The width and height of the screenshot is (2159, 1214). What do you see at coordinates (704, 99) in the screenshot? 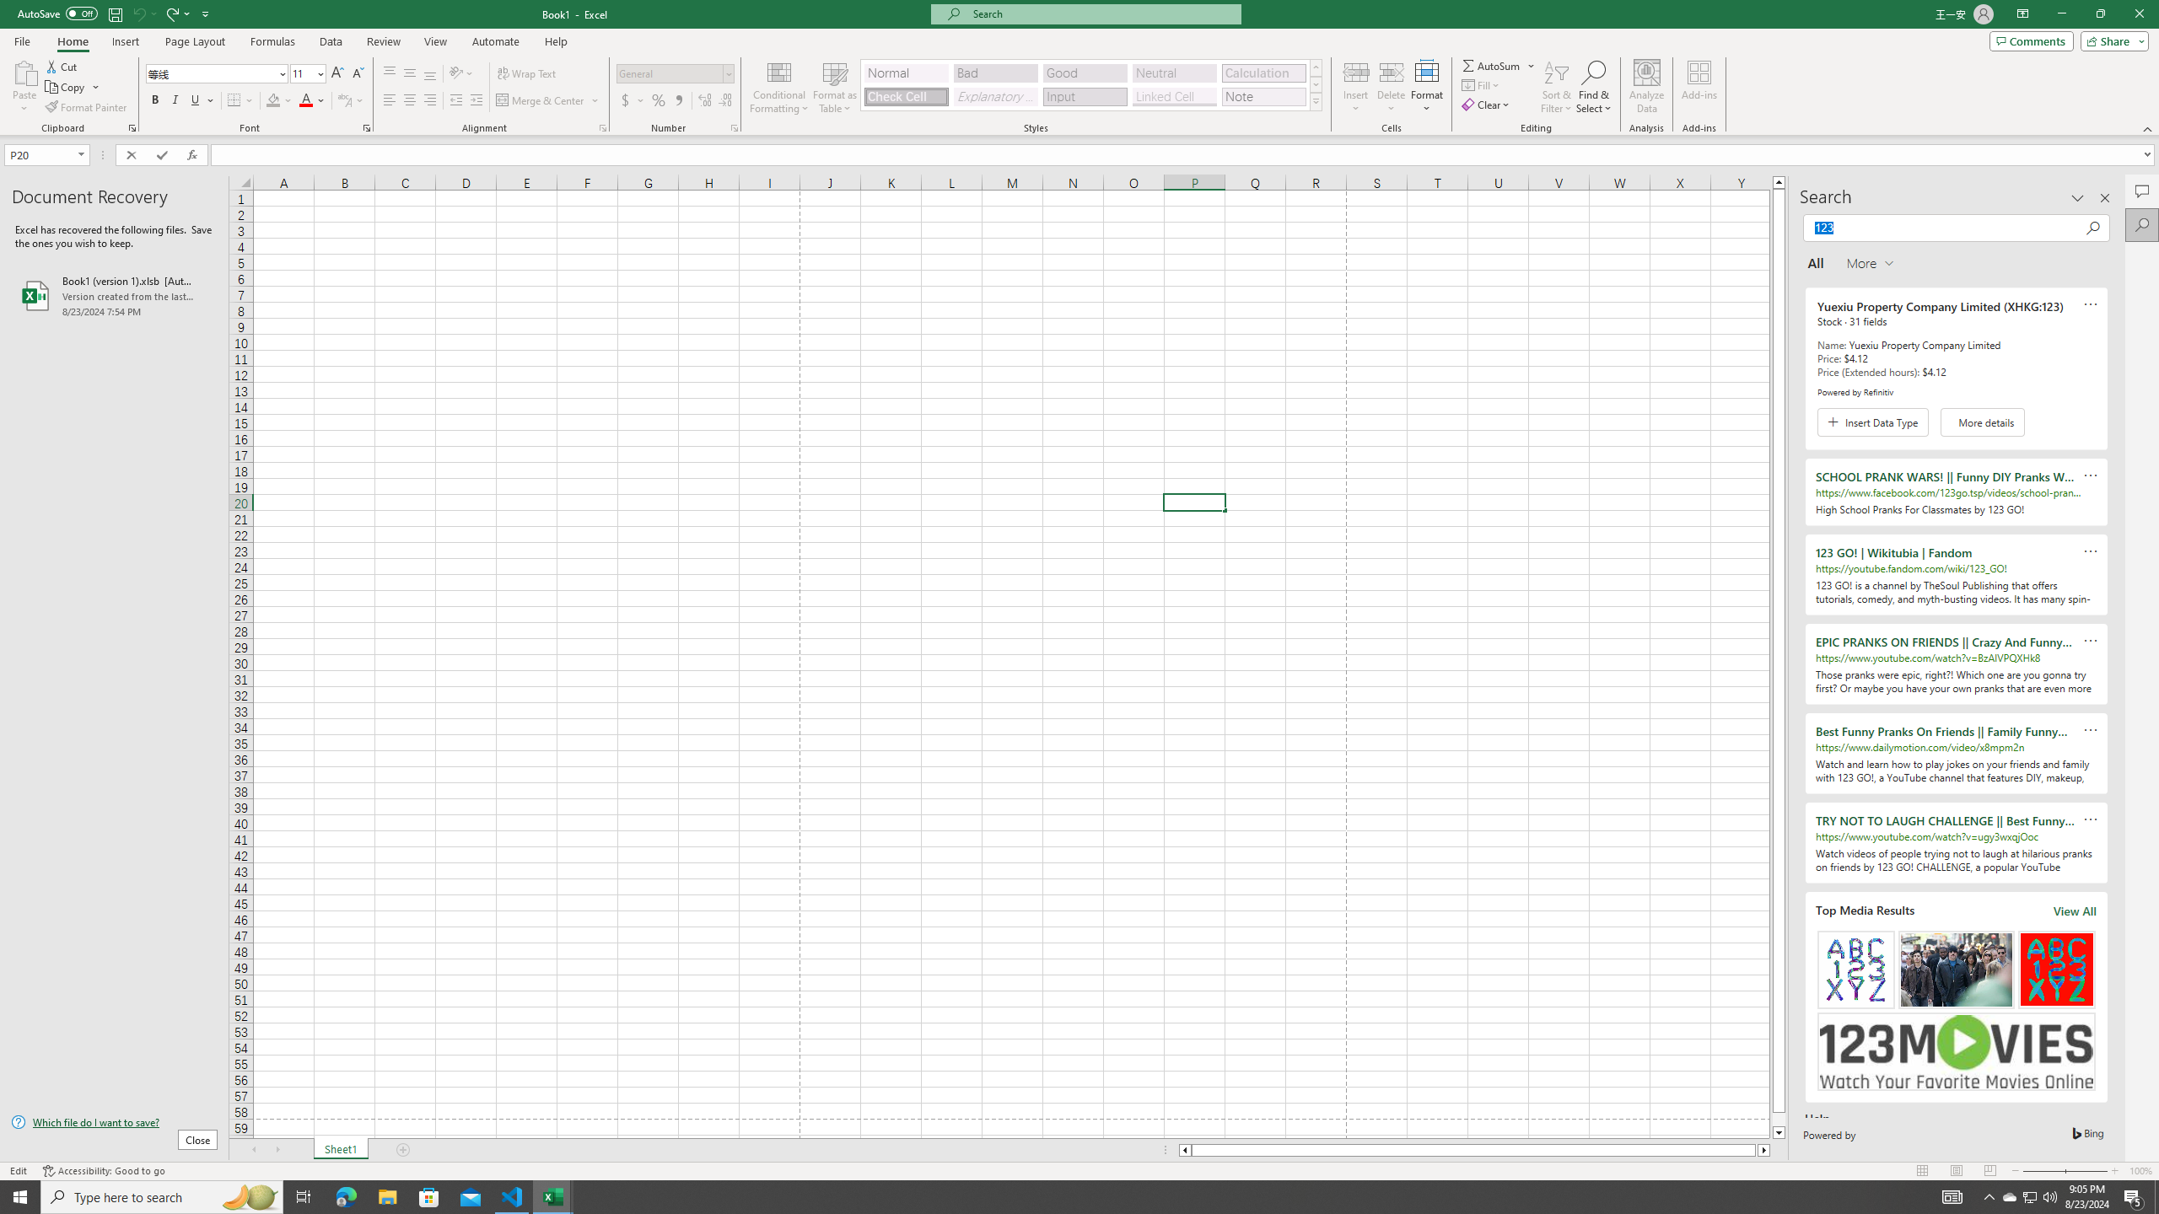
I see `'Increase Decimal'` at bounding box center [704, 99].